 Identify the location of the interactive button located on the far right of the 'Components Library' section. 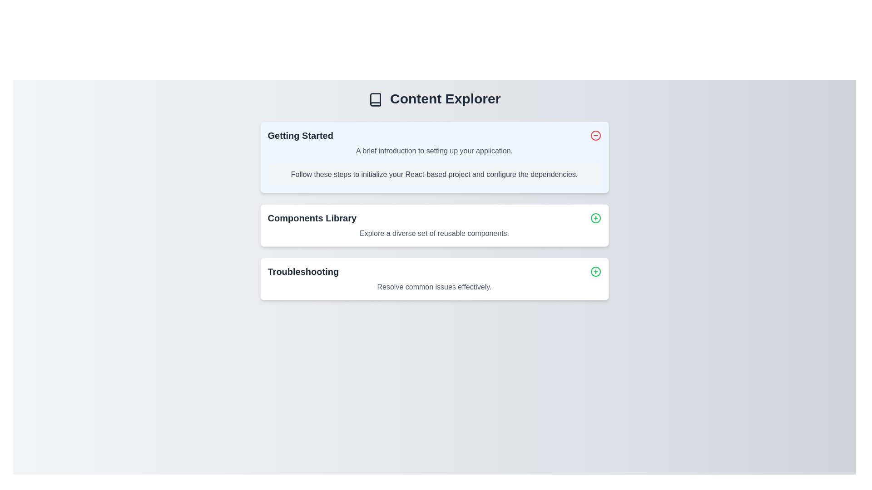
(595, 218).